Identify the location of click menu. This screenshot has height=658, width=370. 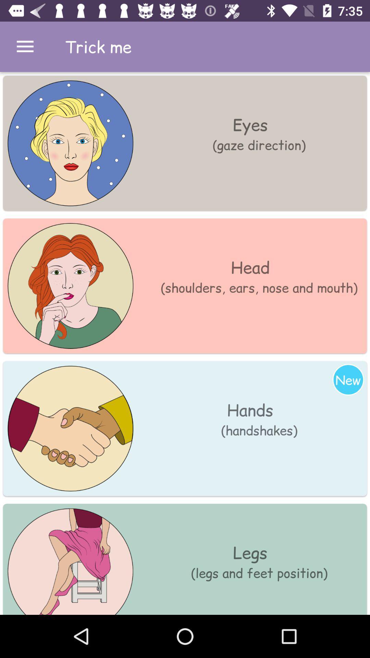
(25, 46).